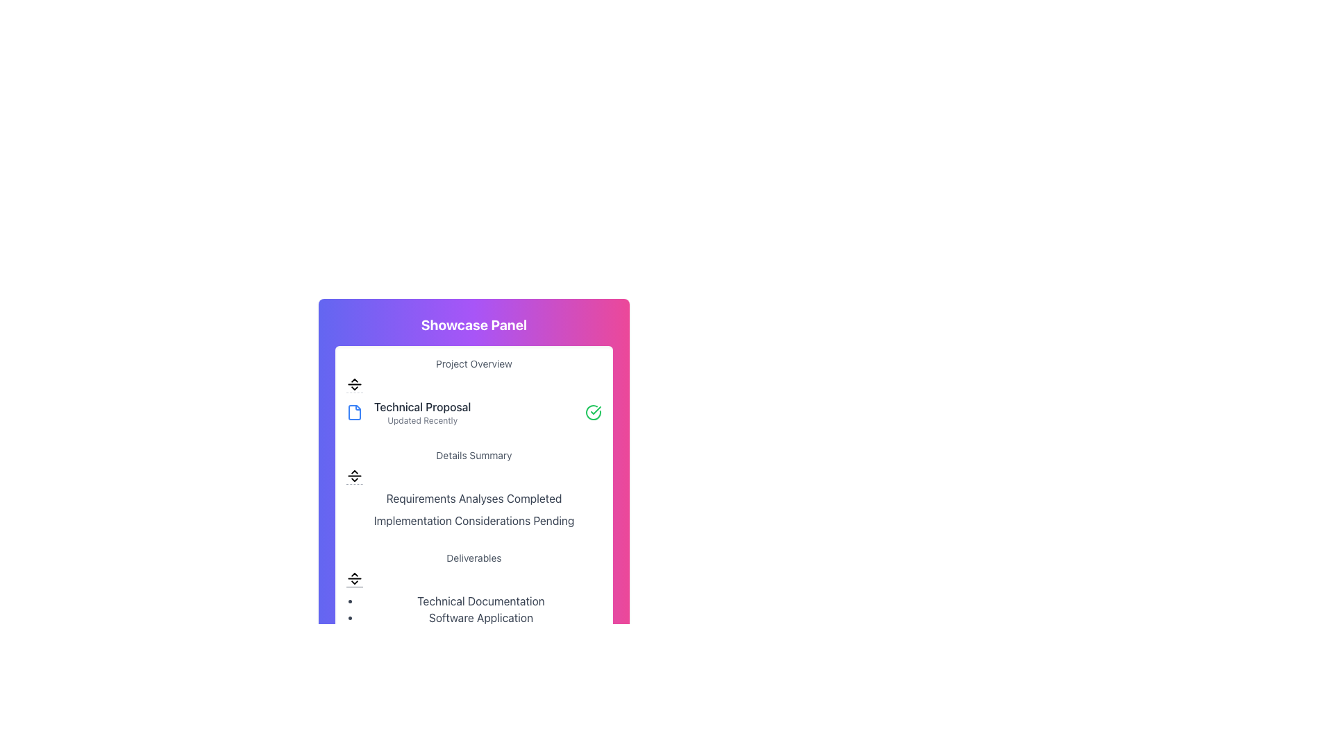  Describe the element at coordinates (473, 455) in the screenshot. I see `the static text element that serves as a descriptor for the information near it, located beneath the 'Technical Proposal' section` at that location.